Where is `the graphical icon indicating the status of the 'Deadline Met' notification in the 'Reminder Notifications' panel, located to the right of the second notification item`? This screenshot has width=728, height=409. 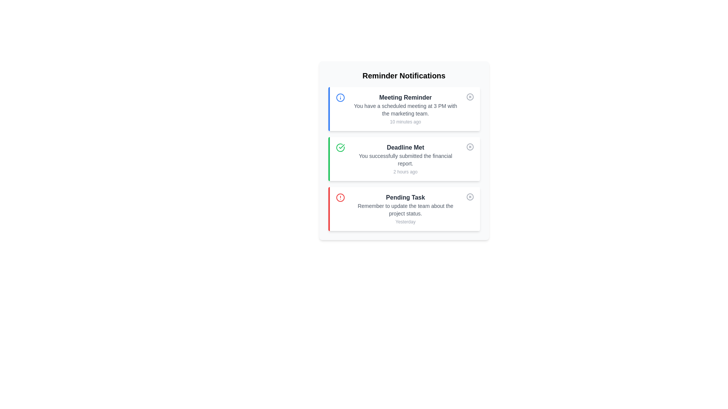 the graphical icon indicating the status of the 'Deadline Met' notification in the 'Reminder Notifications' panel, located to the right of the second notification item is located at coordinates (469, 147).